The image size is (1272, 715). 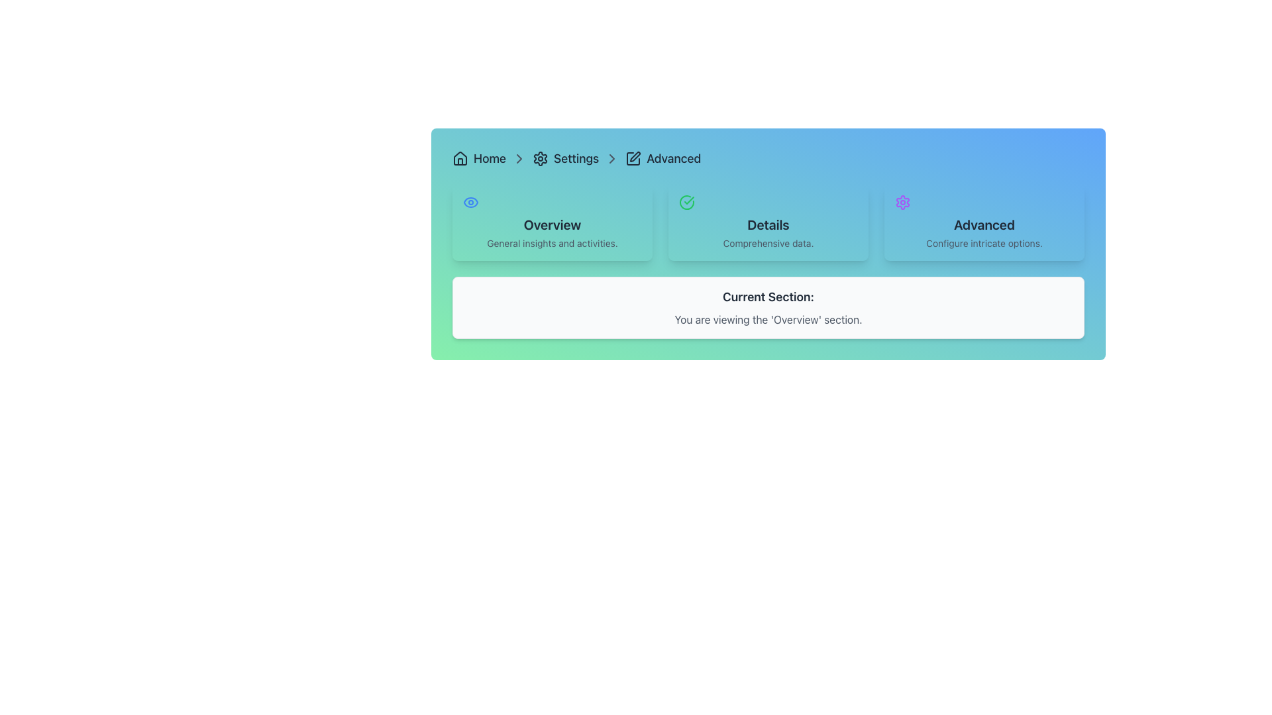 I want to click on information from the 'Details' section block, which is the second item in a horizontal grid layout between 'Overview' and 'Advanced', so click(x=768, y=221).